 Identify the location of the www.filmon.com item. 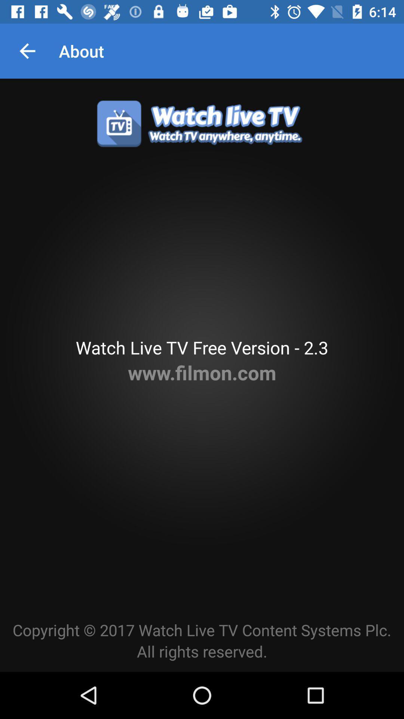
(202, 372).